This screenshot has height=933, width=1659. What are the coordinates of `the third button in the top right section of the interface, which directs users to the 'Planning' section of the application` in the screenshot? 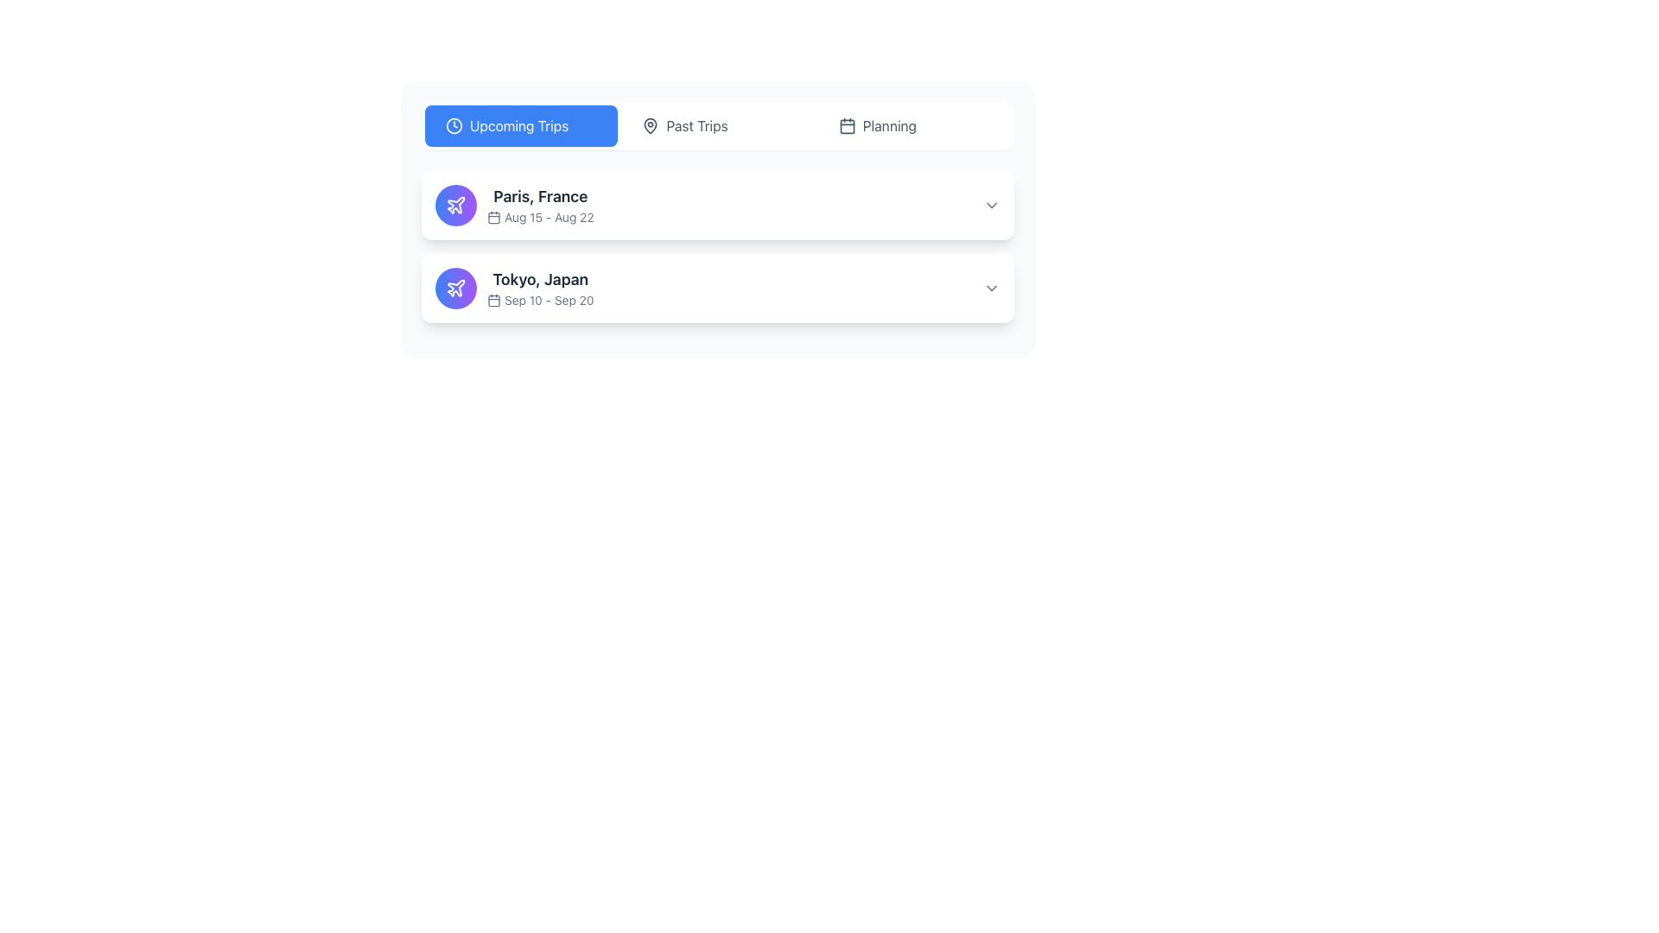 It's located at (912, 125).